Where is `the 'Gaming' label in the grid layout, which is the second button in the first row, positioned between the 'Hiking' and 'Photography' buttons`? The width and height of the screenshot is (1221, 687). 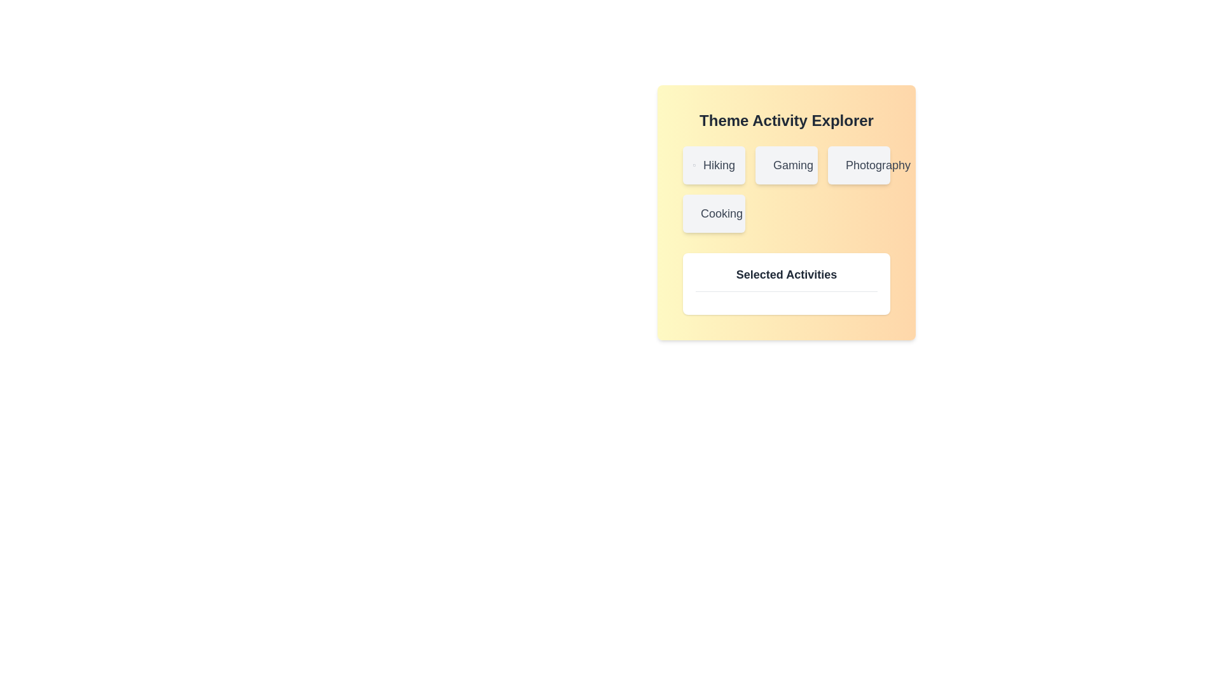 the 'Gaming' label in the grid layout, which is the second button in the first row, positioned between the 'Hiking' and 'Photography' buttons is located at coordinates (786, 164).